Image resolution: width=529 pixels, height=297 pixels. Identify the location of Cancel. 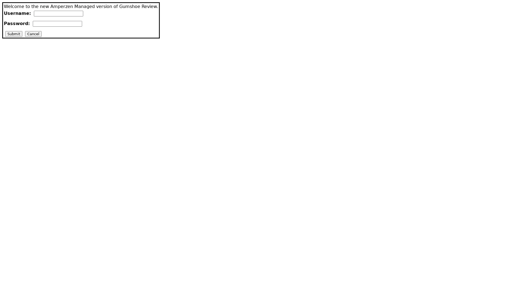
(33, 34).